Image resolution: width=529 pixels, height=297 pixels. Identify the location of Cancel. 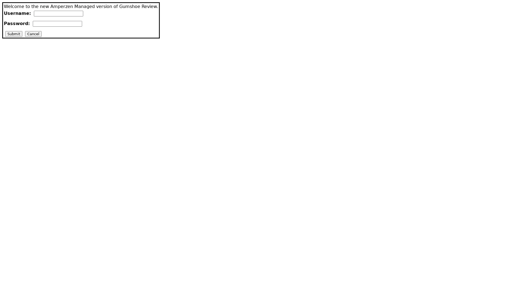
(33, 34).